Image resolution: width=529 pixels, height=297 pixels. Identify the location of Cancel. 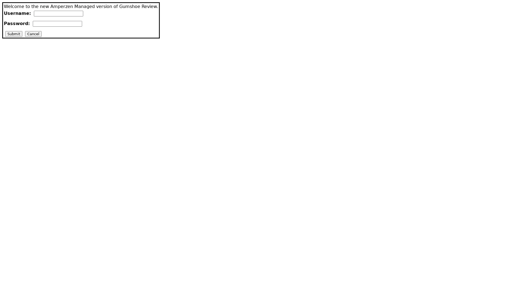
(33, 34).